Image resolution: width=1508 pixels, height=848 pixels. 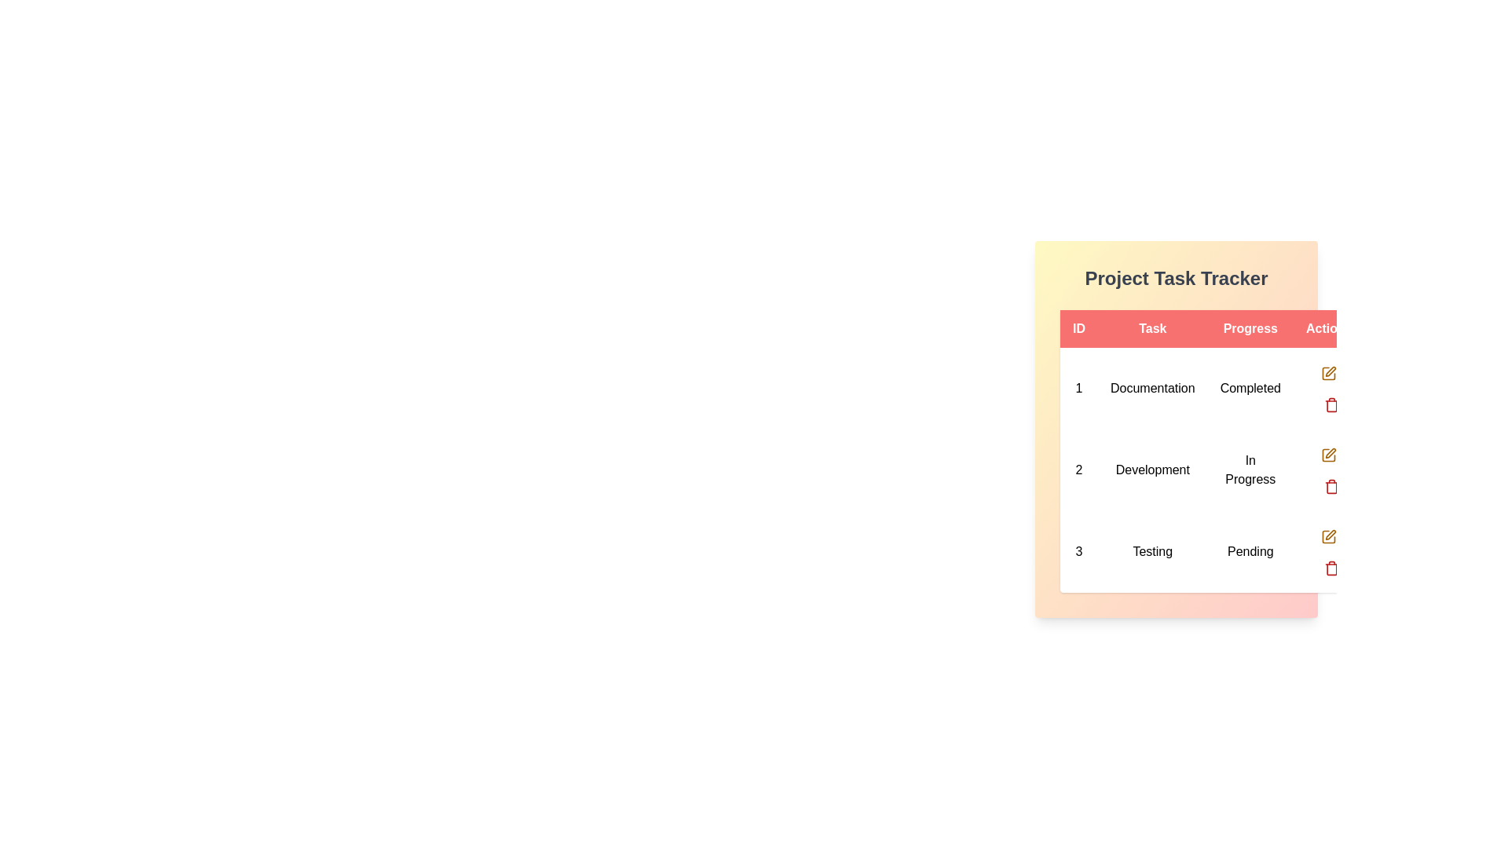 I want to click on delete button for task 2, so click(x=1331, y=484).